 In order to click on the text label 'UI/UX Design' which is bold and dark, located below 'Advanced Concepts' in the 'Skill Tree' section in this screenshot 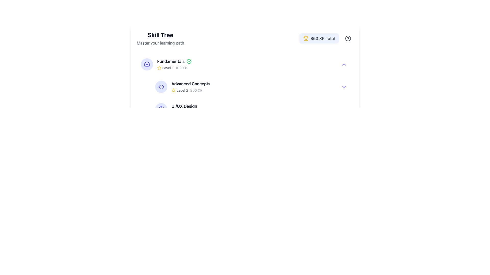, I will do `click(184, 106)`.